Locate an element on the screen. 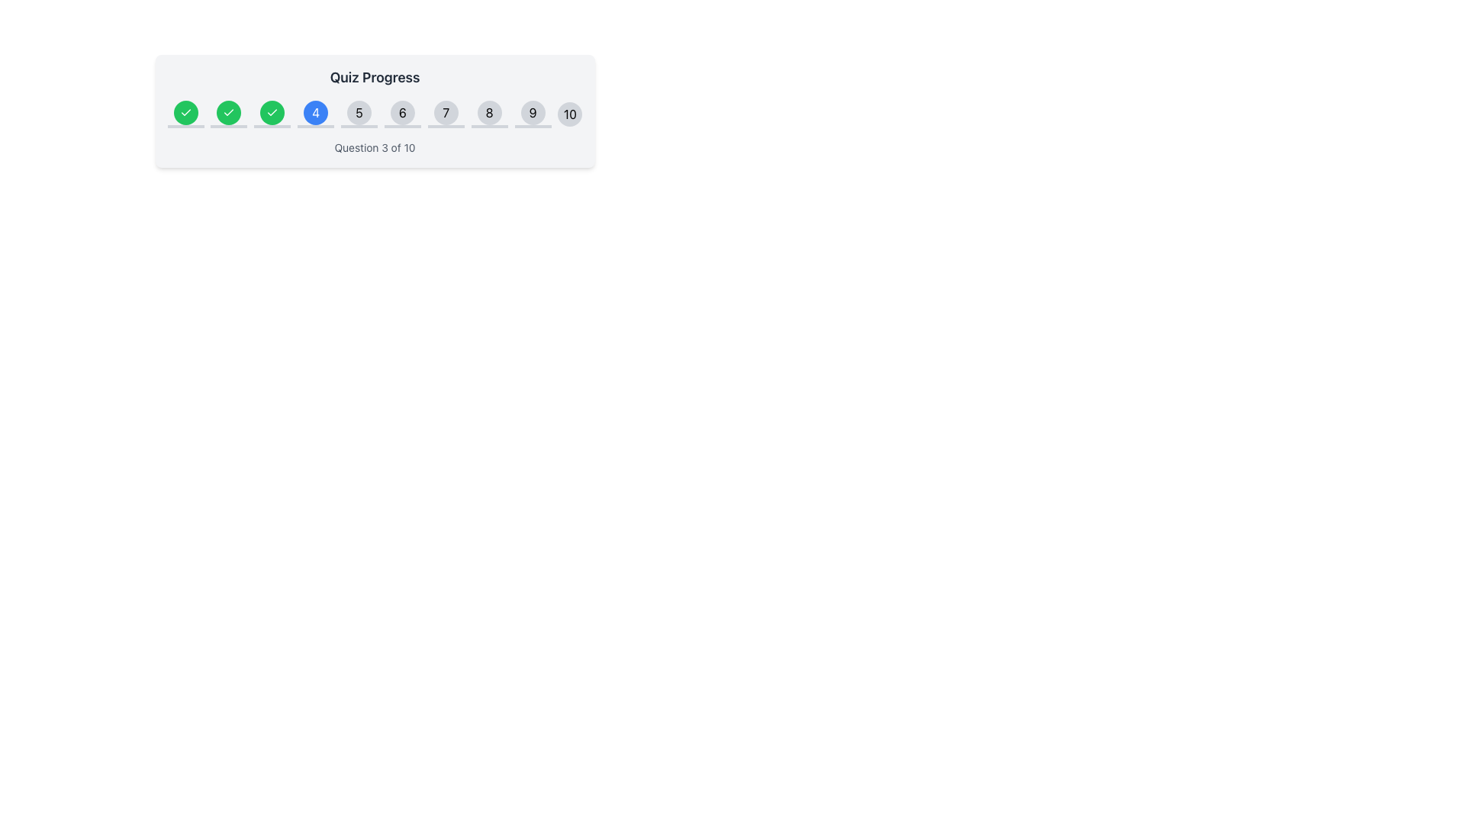  the progress bar segment that visually indicates the state corresponding to the number 7, located below the circular marker with the number 7 in the quiz progress indicator is located at coordinates (445, 125).